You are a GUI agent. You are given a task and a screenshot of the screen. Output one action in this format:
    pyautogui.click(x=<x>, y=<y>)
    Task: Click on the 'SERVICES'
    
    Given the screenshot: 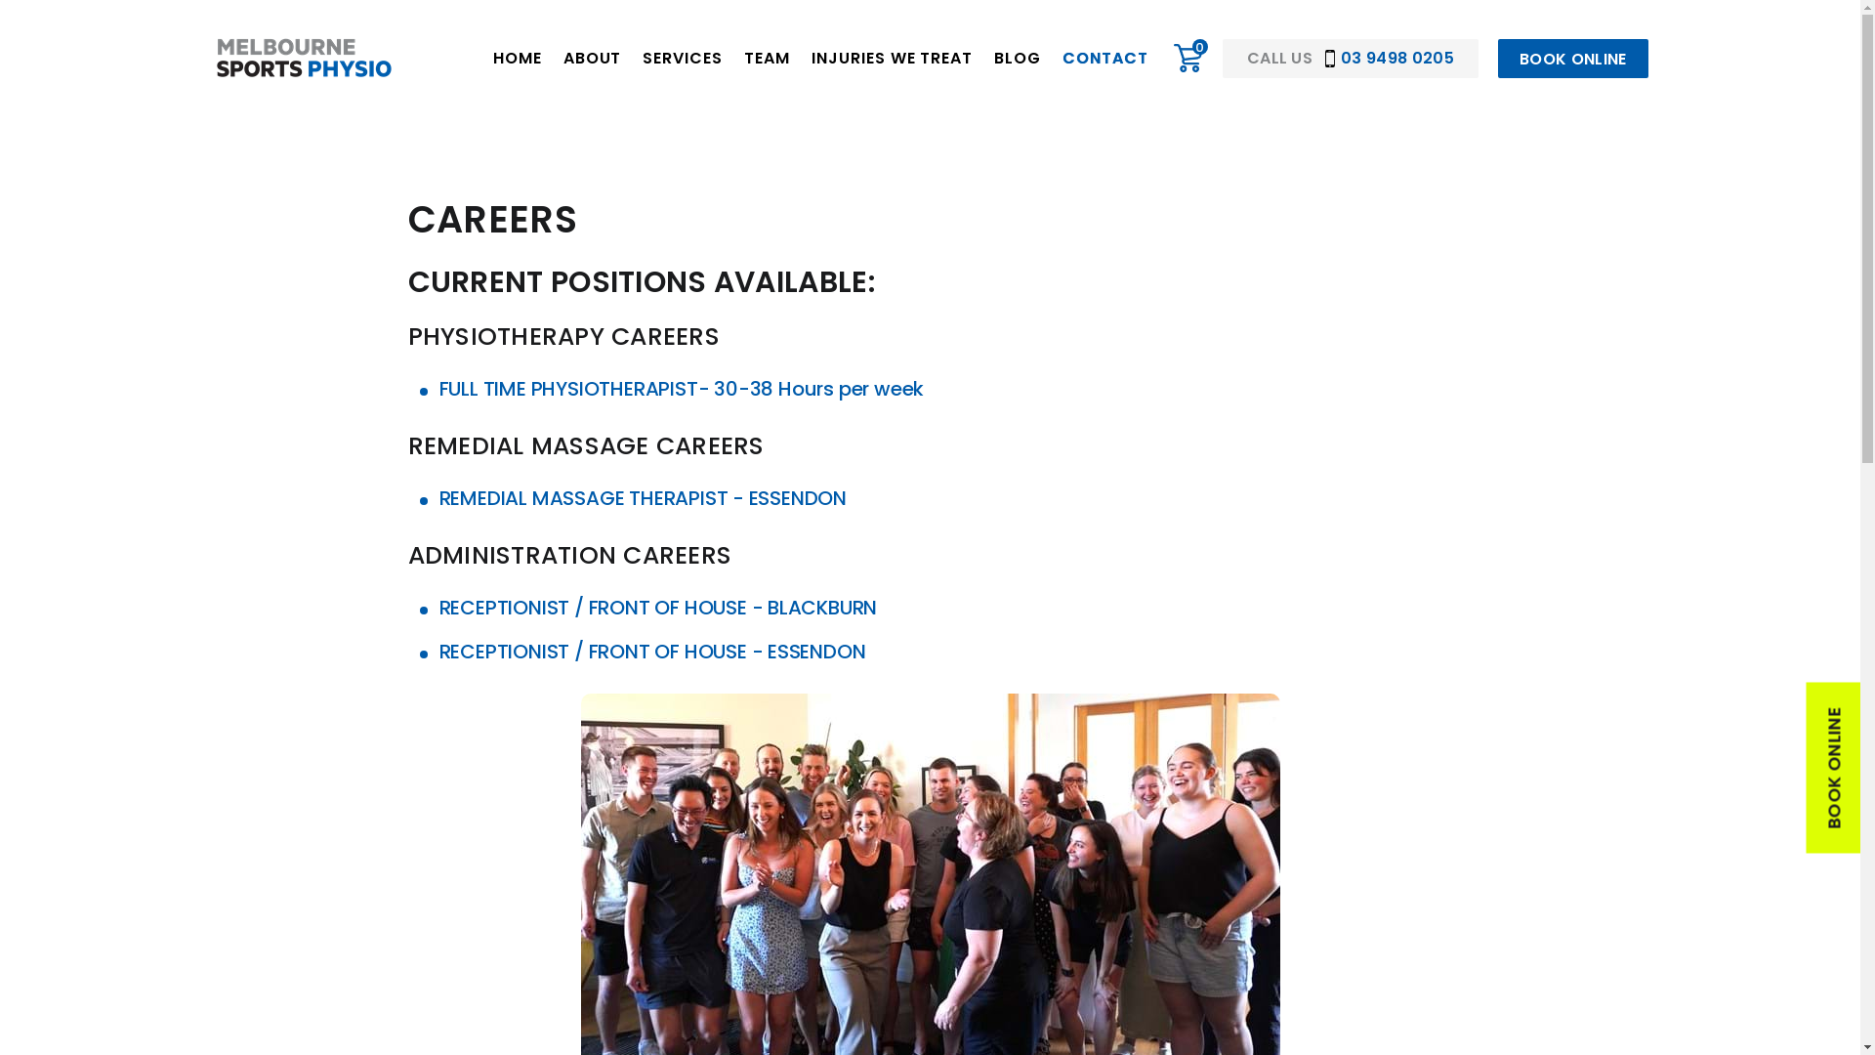 What is the action you would take?
    pyautogui.click(x=683, y=58)
    